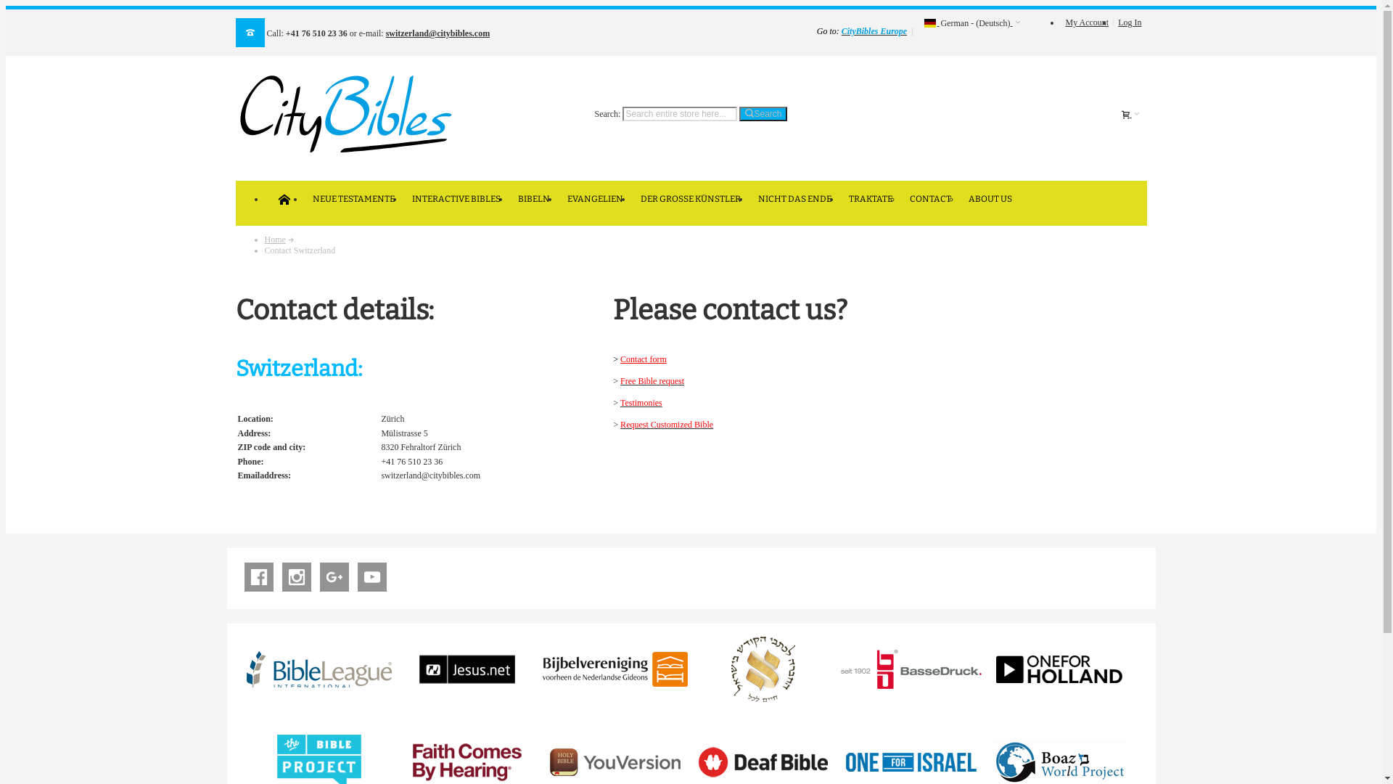 The height and width of the screenshot is (784, 1393). I want to click on 'BIBELN', so click(533, 198).